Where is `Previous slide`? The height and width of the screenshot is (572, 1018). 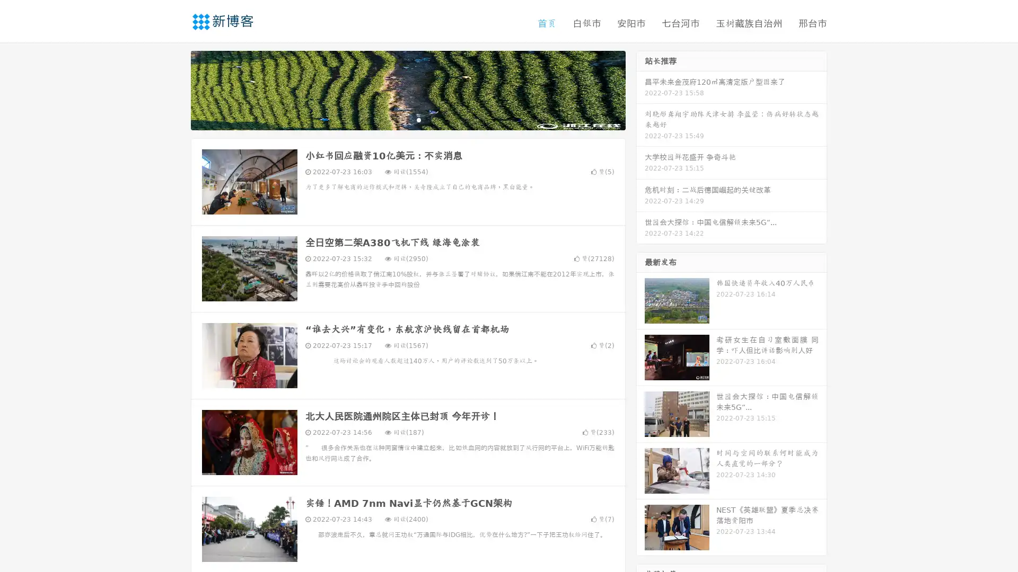
Previous slide is located at coordinates (175, 89).